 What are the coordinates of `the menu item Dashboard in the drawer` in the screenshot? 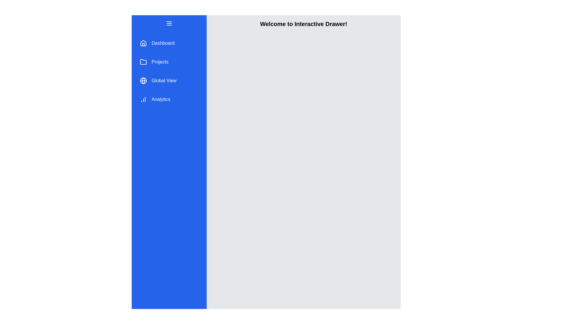 It's located at (169, 43).